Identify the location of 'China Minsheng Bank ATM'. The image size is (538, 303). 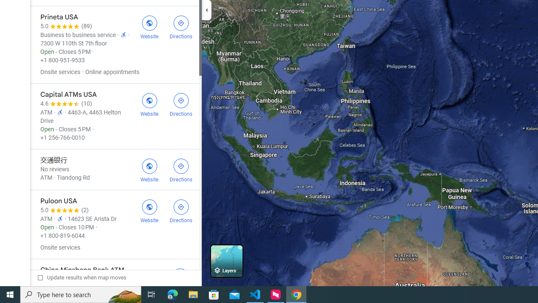
(114, 279).